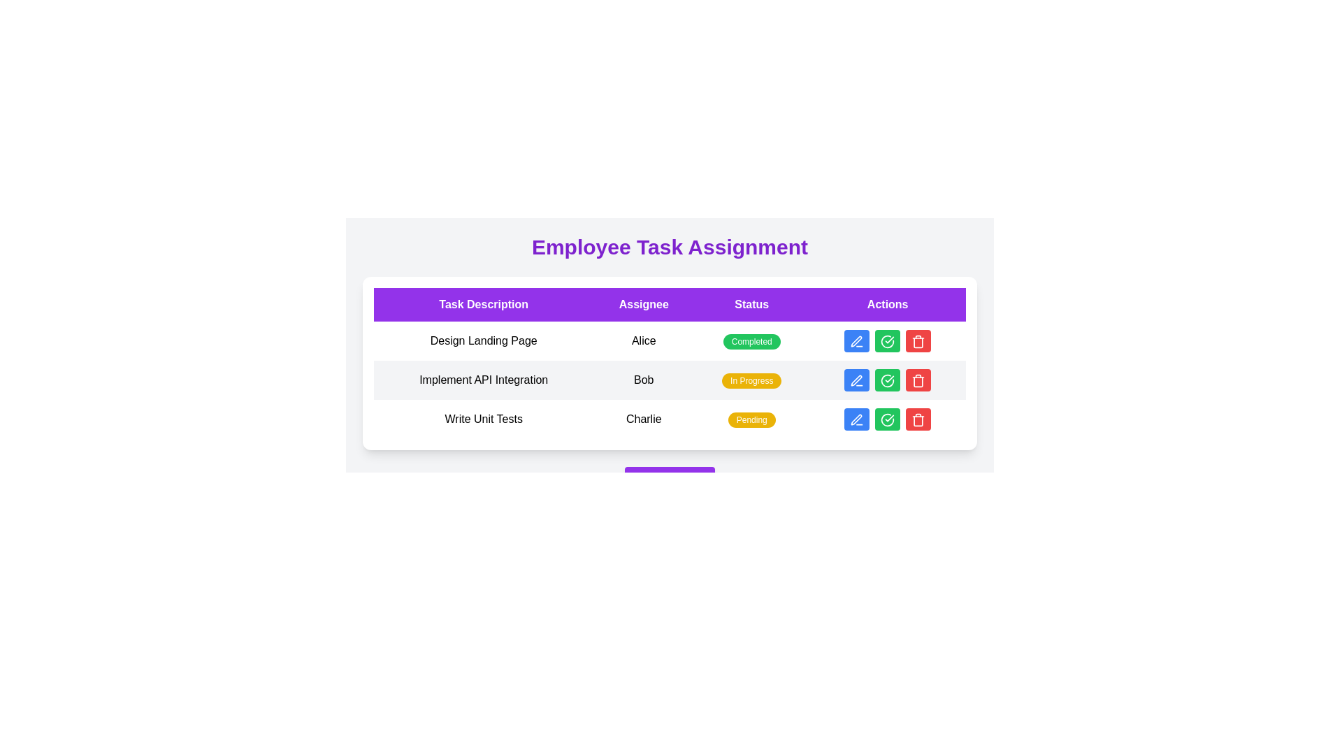  Describe the element at coordinates (887, 341) in the screenshot. I see `the green button with a circular checkmark icon located in the 'Actions' column for 'Design Landing Page'` at that location.